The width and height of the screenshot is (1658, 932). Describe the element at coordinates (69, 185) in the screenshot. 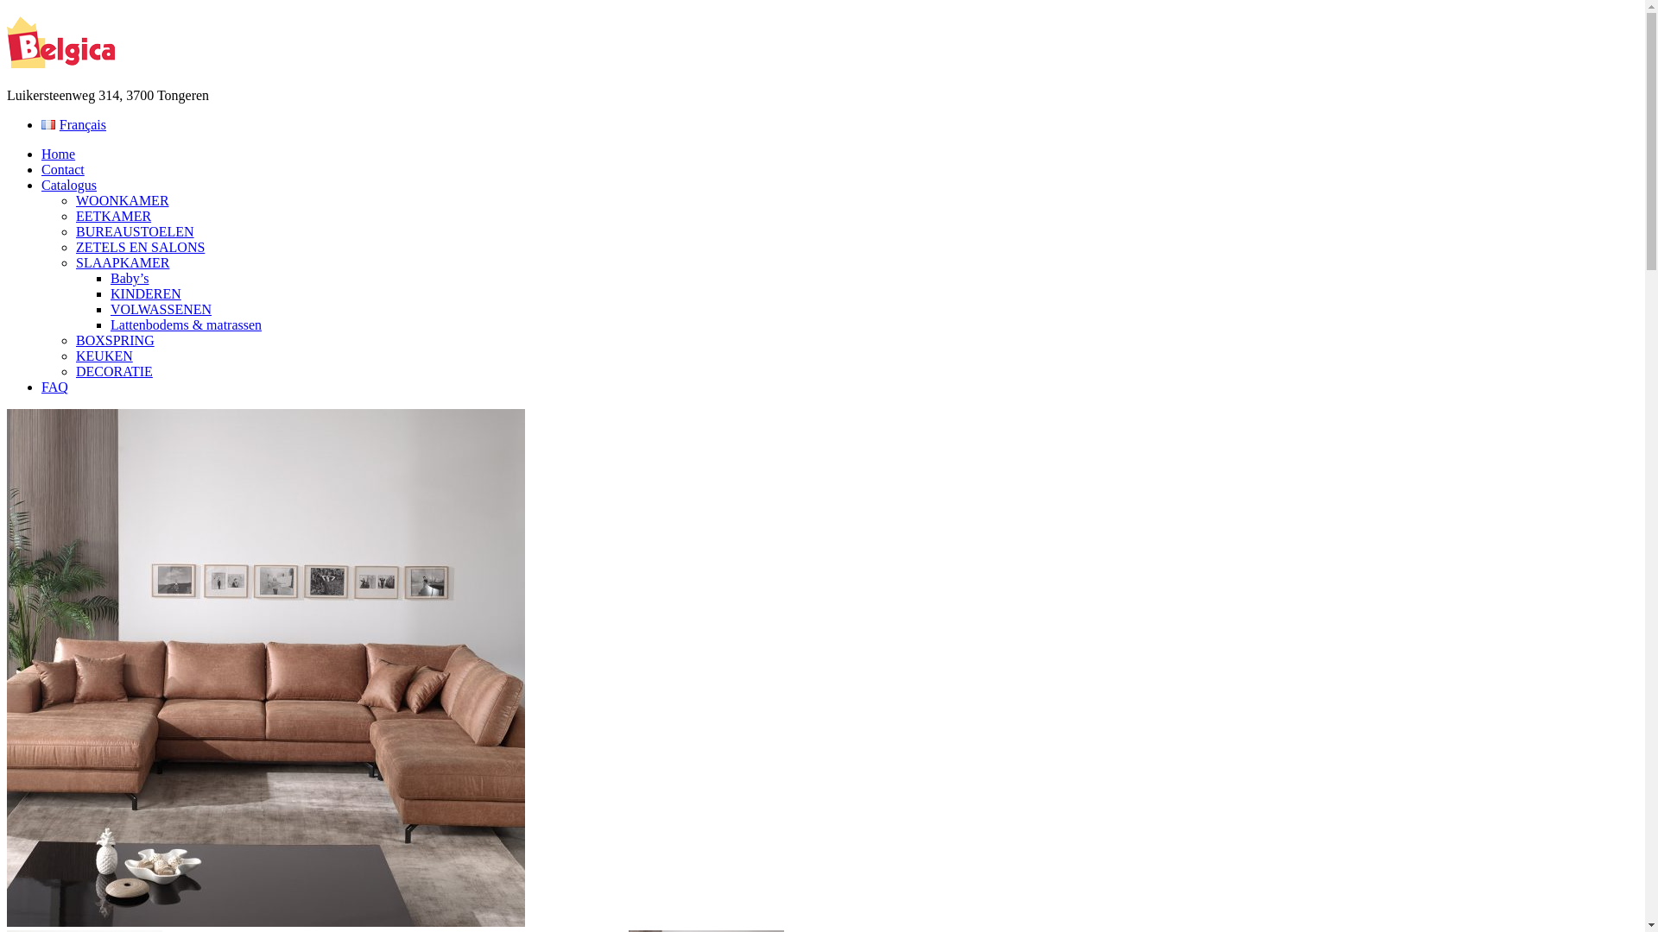

I see `'Catalogus'` at that location.